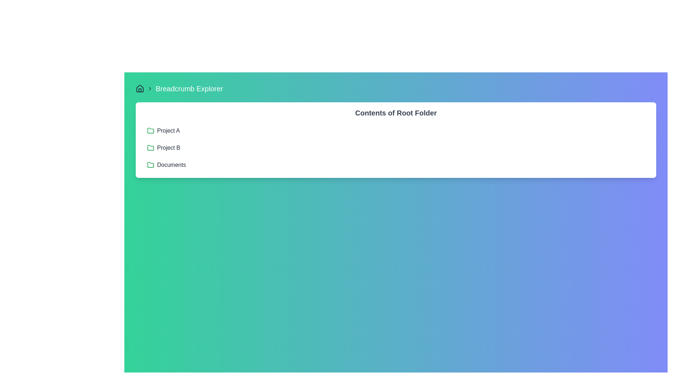 The height and width of the screenshot is (385, 684). I want to click on the Folder icon representing 'Project B', so click(150, 147).